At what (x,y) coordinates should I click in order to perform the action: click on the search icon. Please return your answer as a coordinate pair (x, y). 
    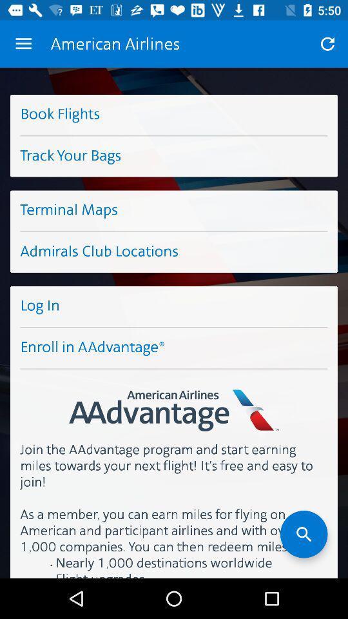
    Looking at the image, I should click on (304, 534).